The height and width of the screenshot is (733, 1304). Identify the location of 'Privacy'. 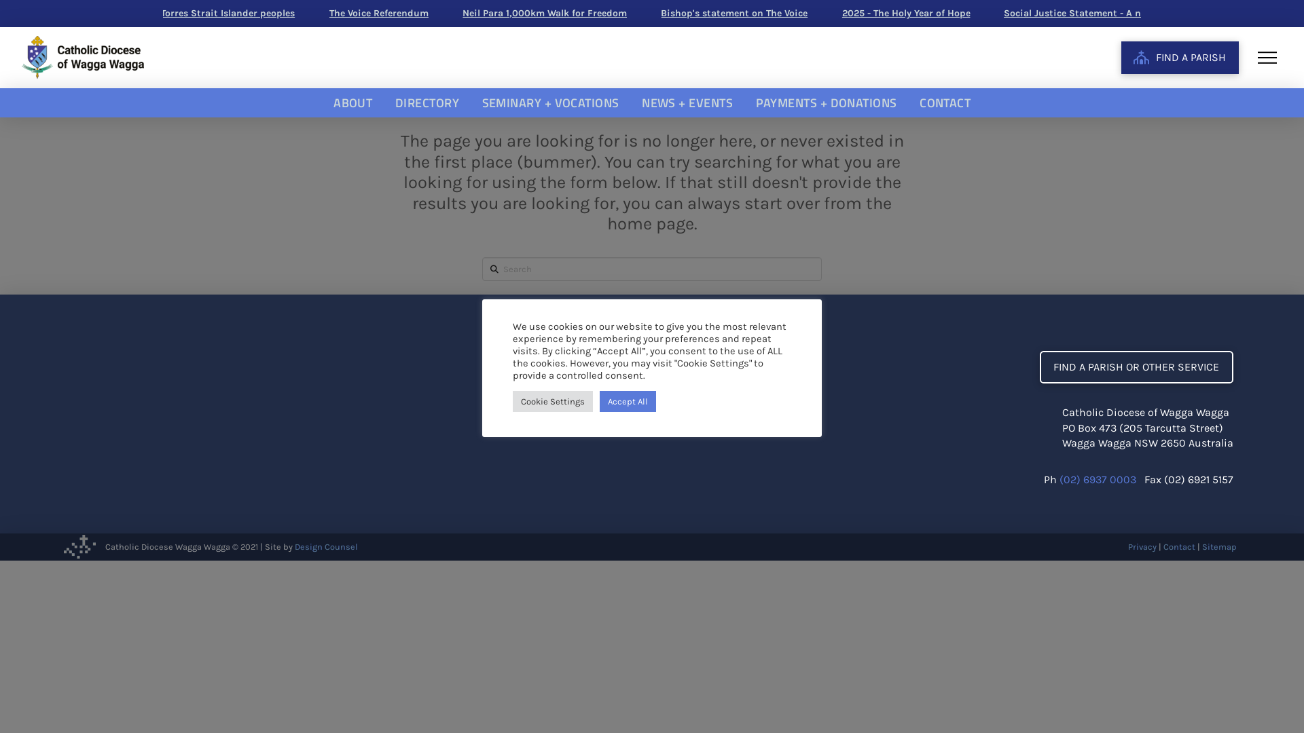
(1141, 546).